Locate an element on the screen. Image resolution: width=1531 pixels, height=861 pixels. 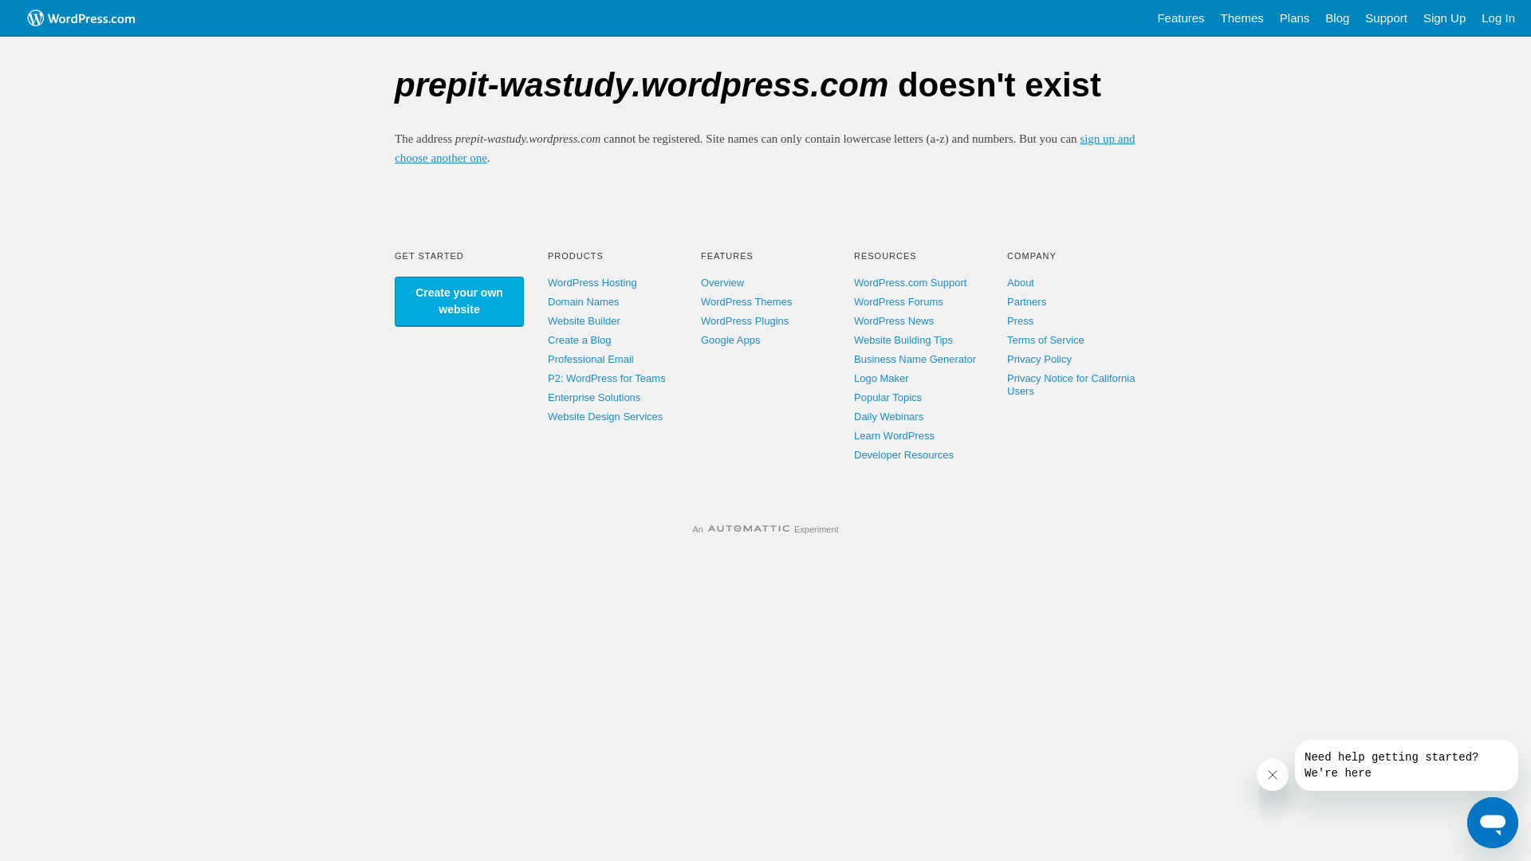
'Logo Maker' is located at coordinates (852, 378).